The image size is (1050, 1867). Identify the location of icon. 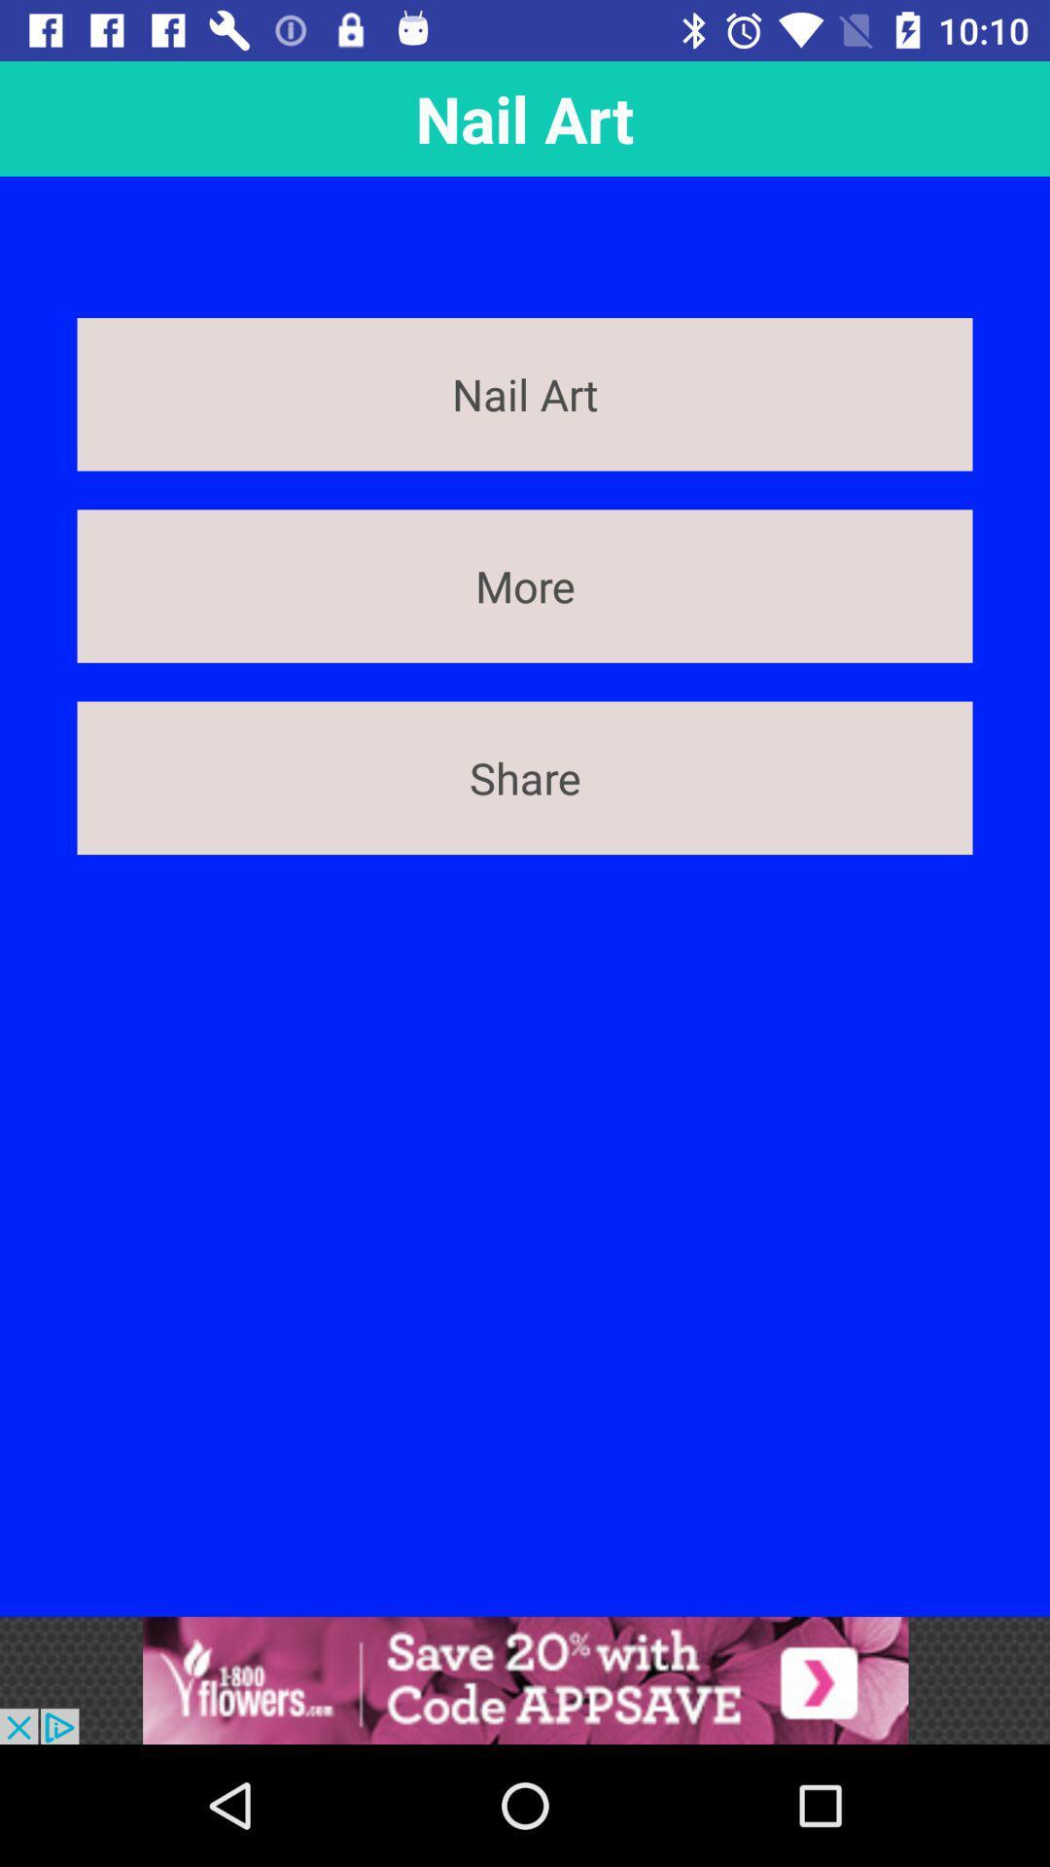
(525, 1679).